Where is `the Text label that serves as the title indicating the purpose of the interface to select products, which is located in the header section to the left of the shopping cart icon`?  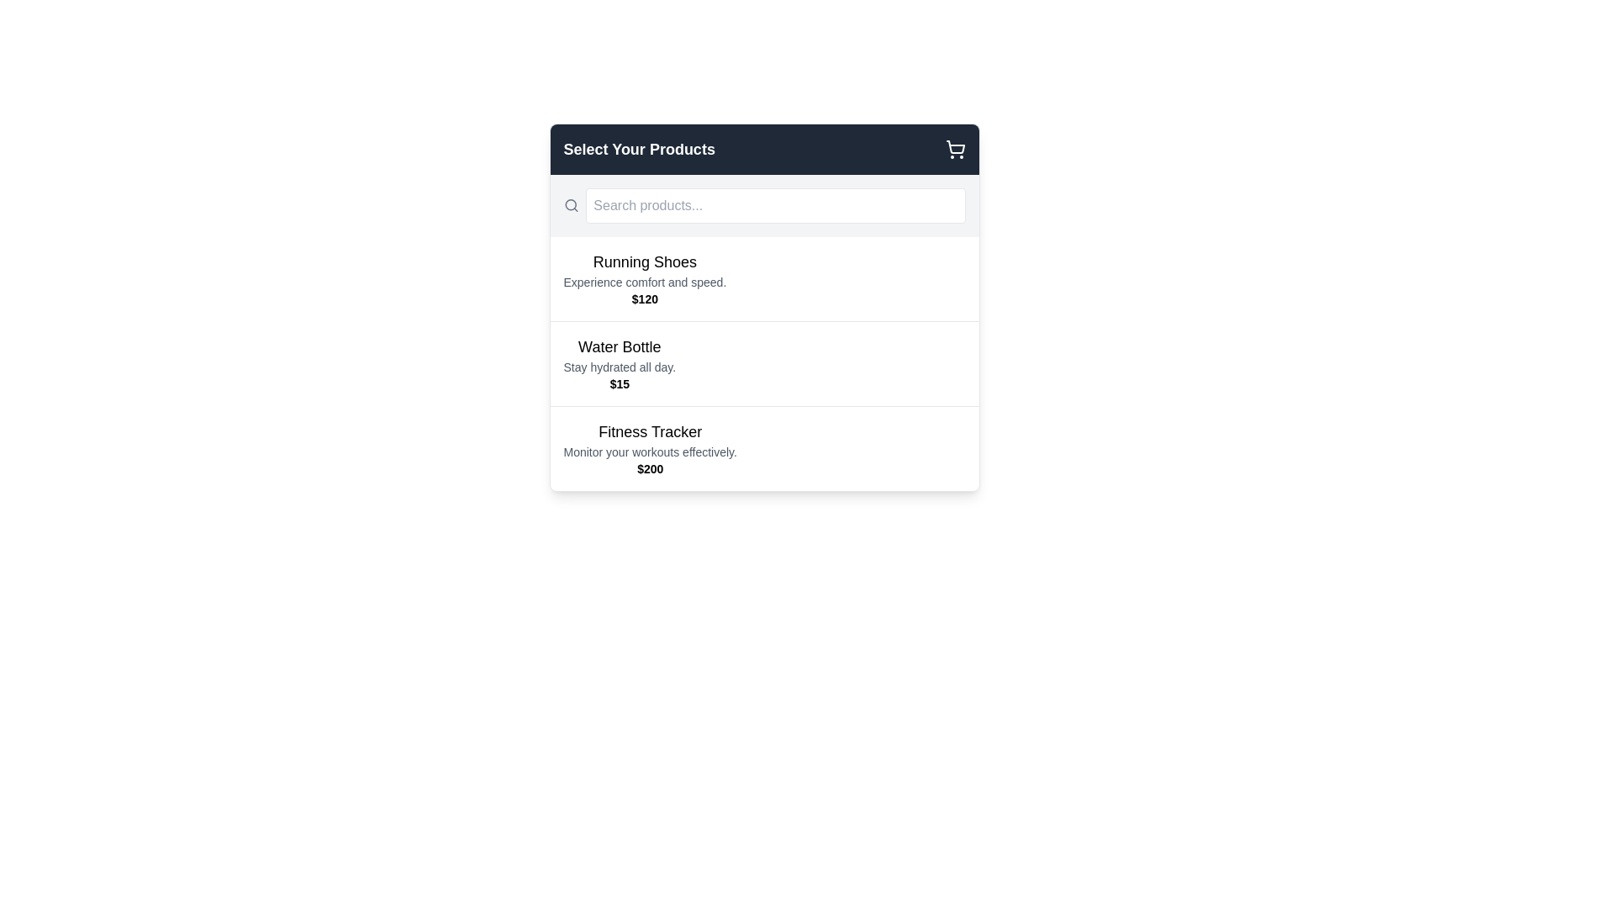
the Text label that serves as the title indicating the purpose of the interface to select products, which is located in the header section to the left of the shopping cart icon is located at coordinates (638, 148).